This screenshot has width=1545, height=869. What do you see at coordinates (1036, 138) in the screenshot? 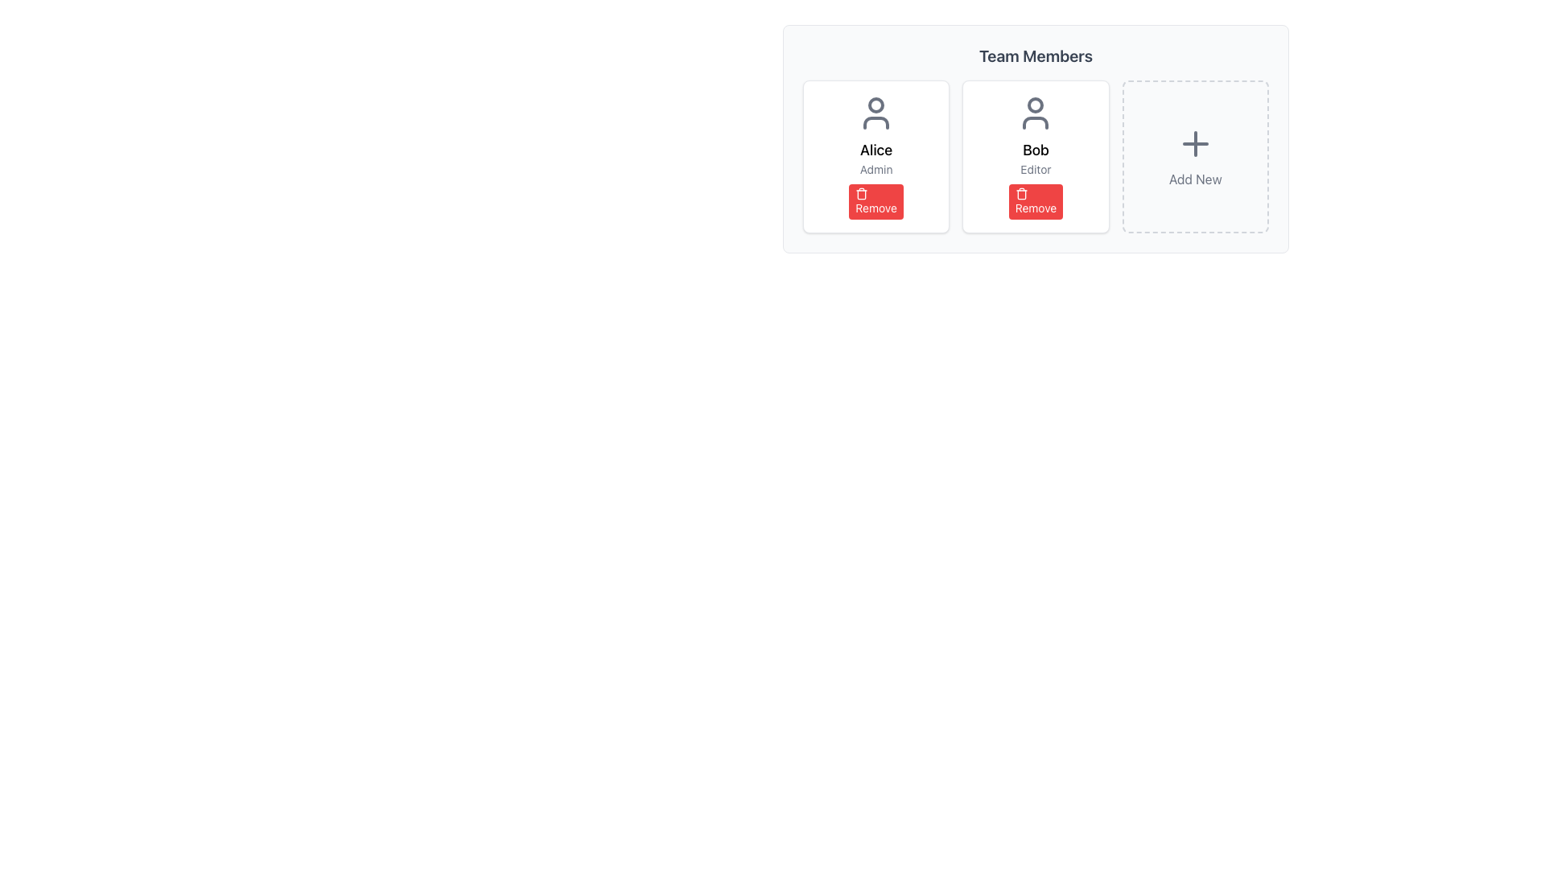
I see `details of the team member 'Bob' on the card located in the middle of the 'Team Members' section` at bounding box center [1036, 138].